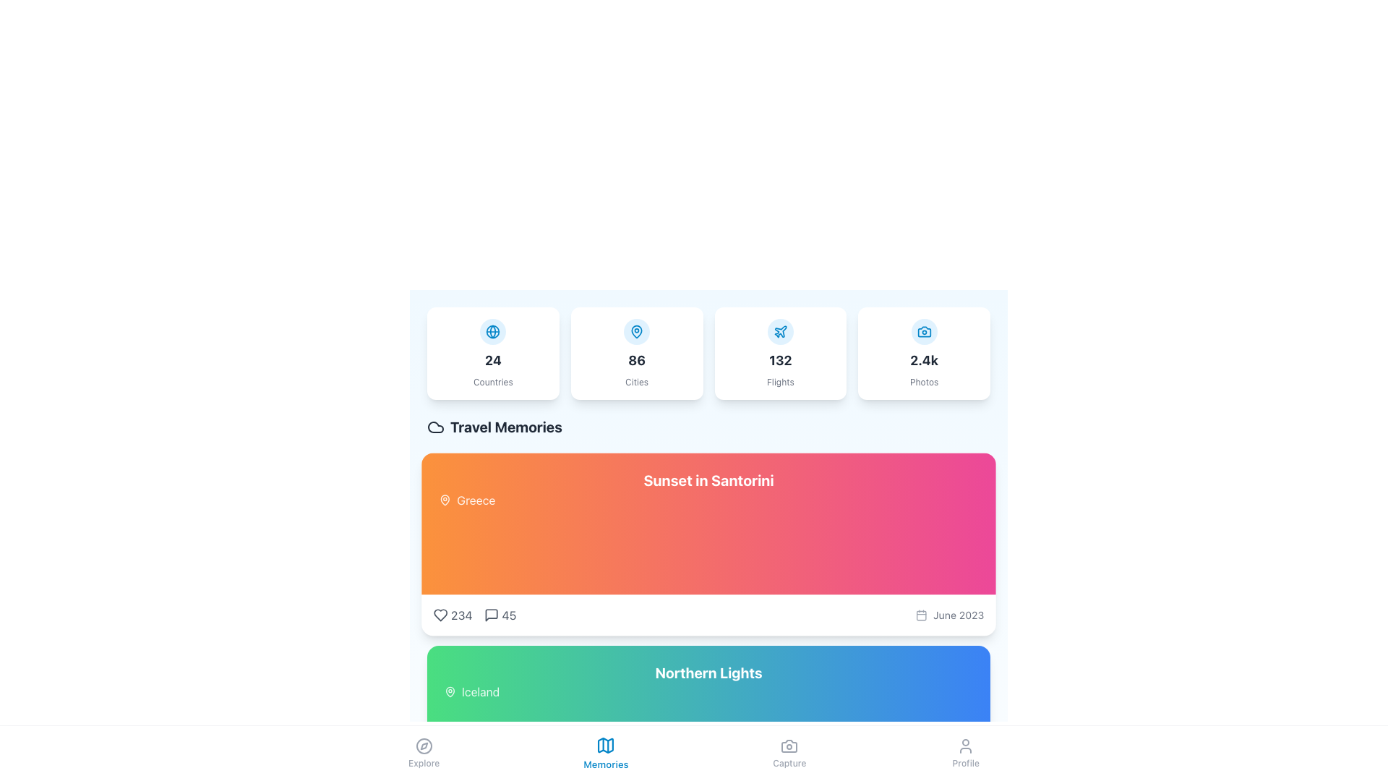 This screenshot has width=1388, height=781. I want to click on the airplane icon within the '132 Flights' card, which is styled in blue and has a sleek, geometric design, so click(780, 331).